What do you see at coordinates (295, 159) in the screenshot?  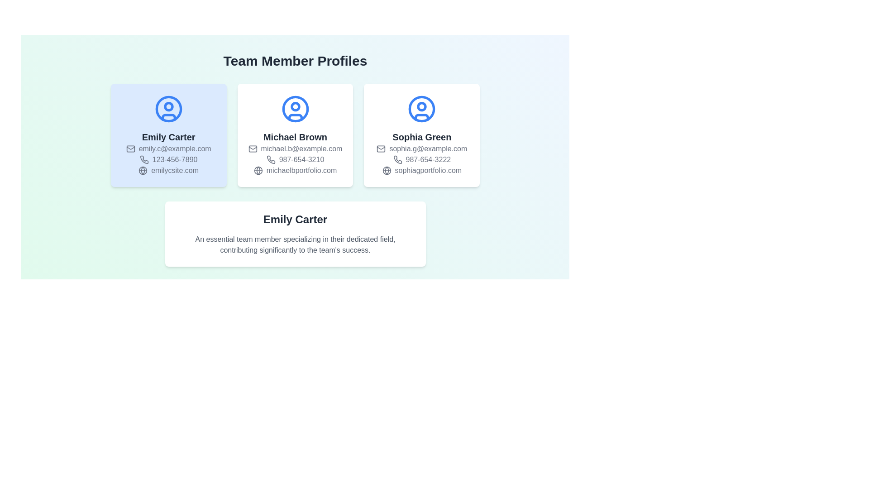 I see `the text displaying the contact phone number for 'Michael Brown', located in the third data row of the profile cards` at bounding box center [295, 159].